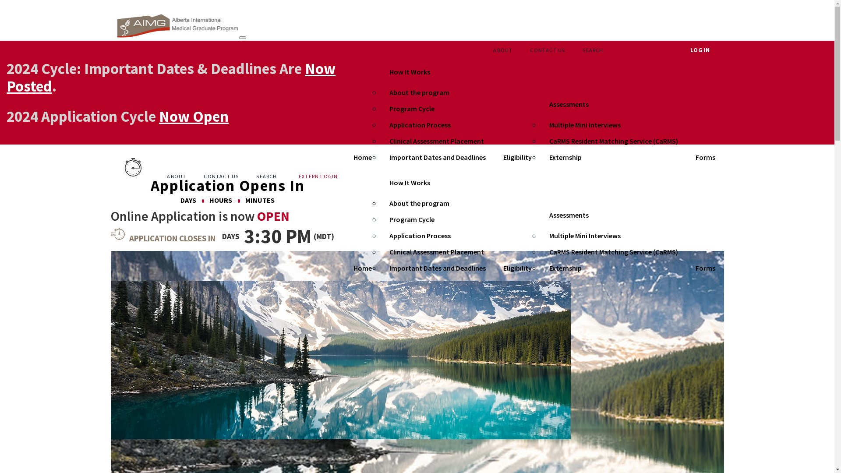 This screenshot has width=841, height=473. Describe the element at coordinates (517, 268) in the screenshot. I see `'Eligibility'` at that location.